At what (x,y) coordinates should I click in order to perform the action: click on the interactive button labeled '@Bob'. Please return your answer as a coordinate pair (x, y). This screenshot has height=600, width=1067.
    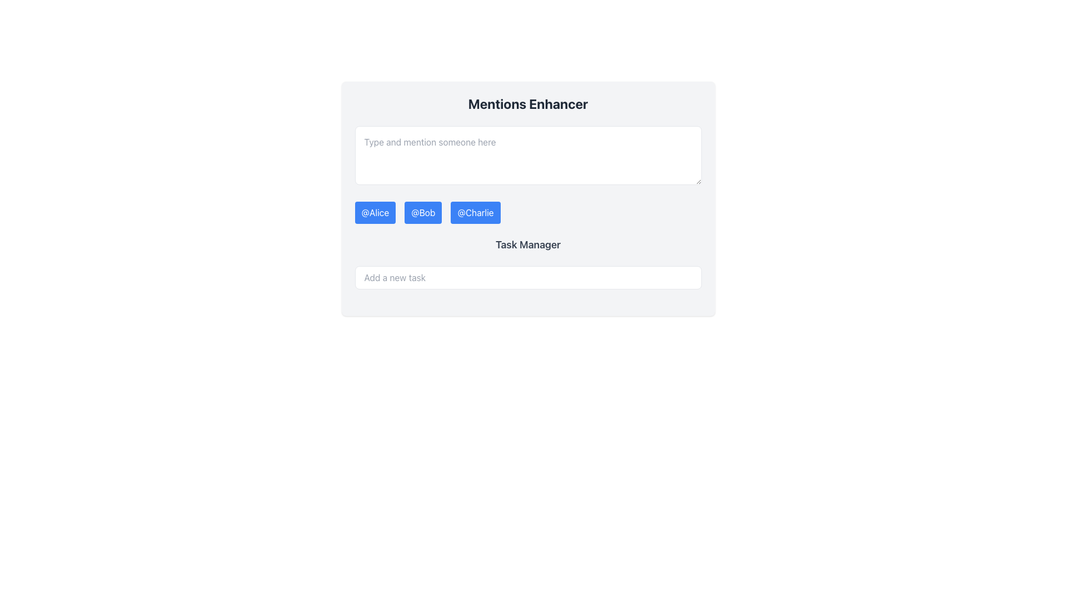
    Looking at the image, I should click on (422, 212).